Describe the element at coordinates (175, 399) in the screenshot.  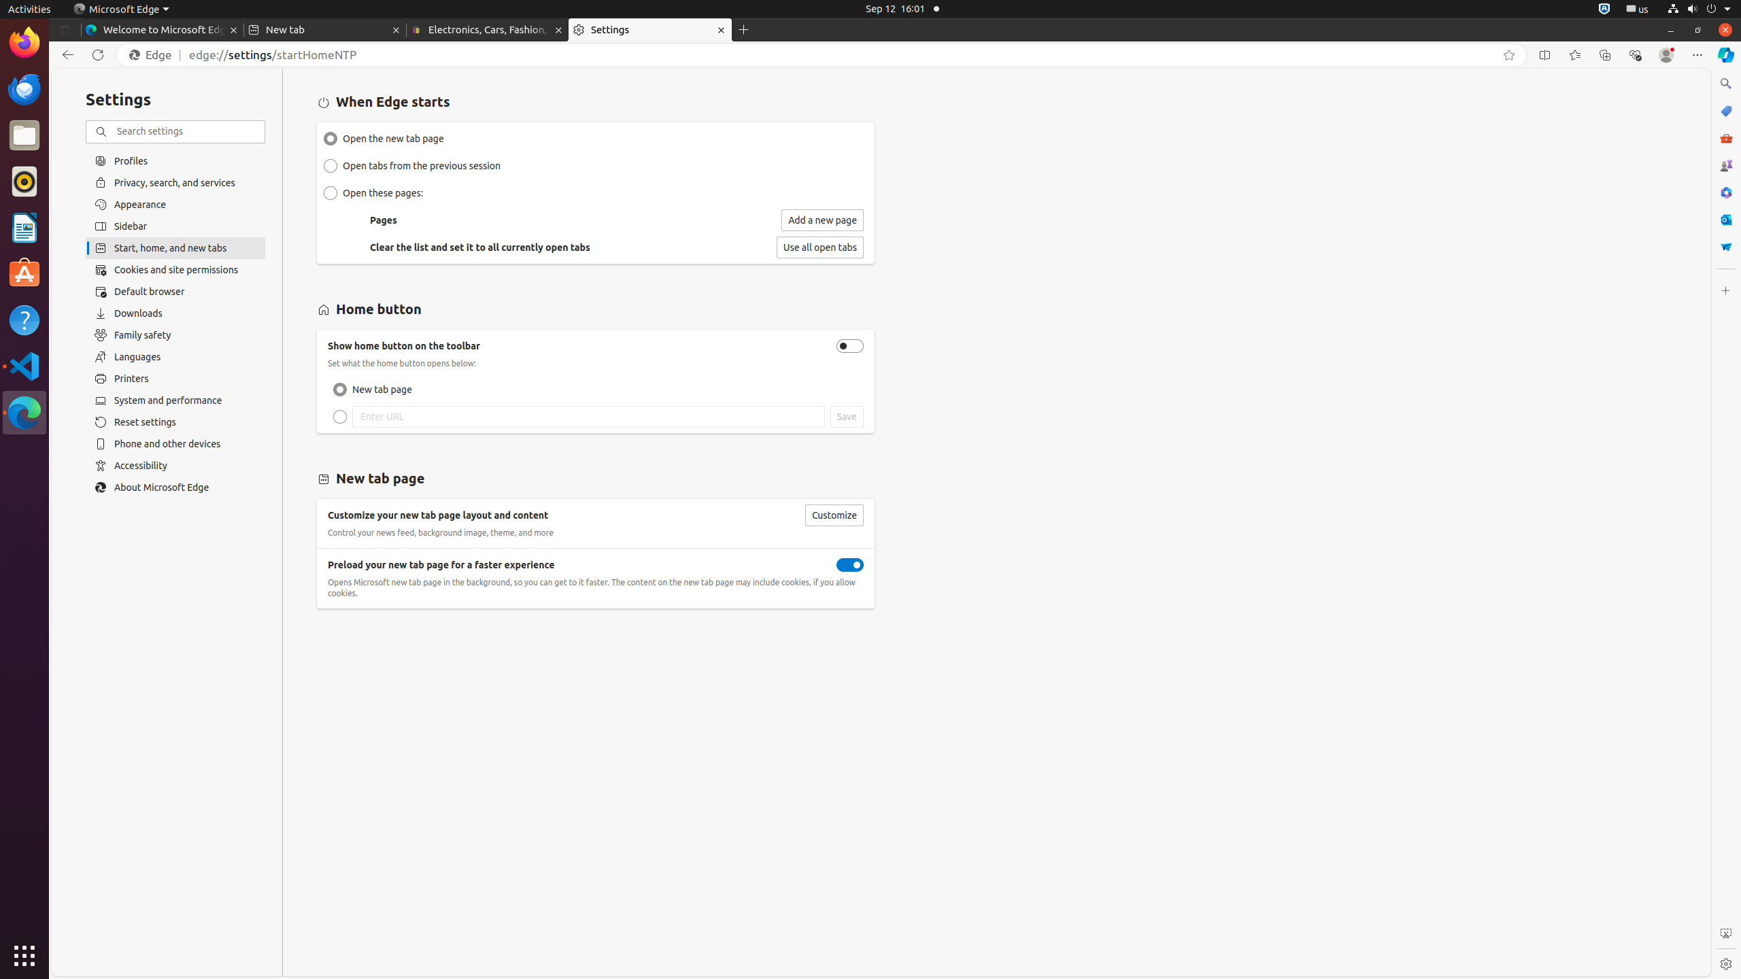
I see `'System and performance'` at that location.